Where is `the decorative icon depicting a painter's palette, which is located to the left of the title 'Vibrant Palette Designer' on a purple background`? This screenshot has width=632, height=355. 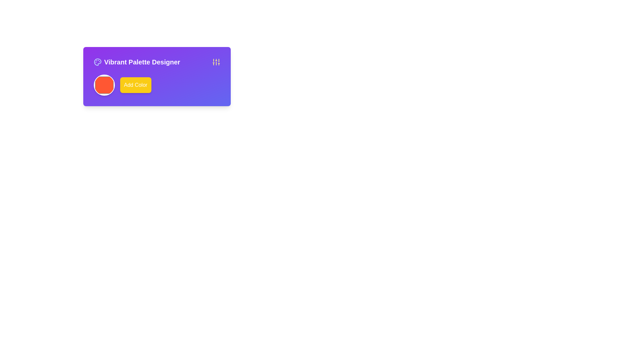 the decorative icon depicting a painter's palette, which is located to the left of the title 'Vibrant Palette Designer' on a purple background is located at coordinates (97, 62).